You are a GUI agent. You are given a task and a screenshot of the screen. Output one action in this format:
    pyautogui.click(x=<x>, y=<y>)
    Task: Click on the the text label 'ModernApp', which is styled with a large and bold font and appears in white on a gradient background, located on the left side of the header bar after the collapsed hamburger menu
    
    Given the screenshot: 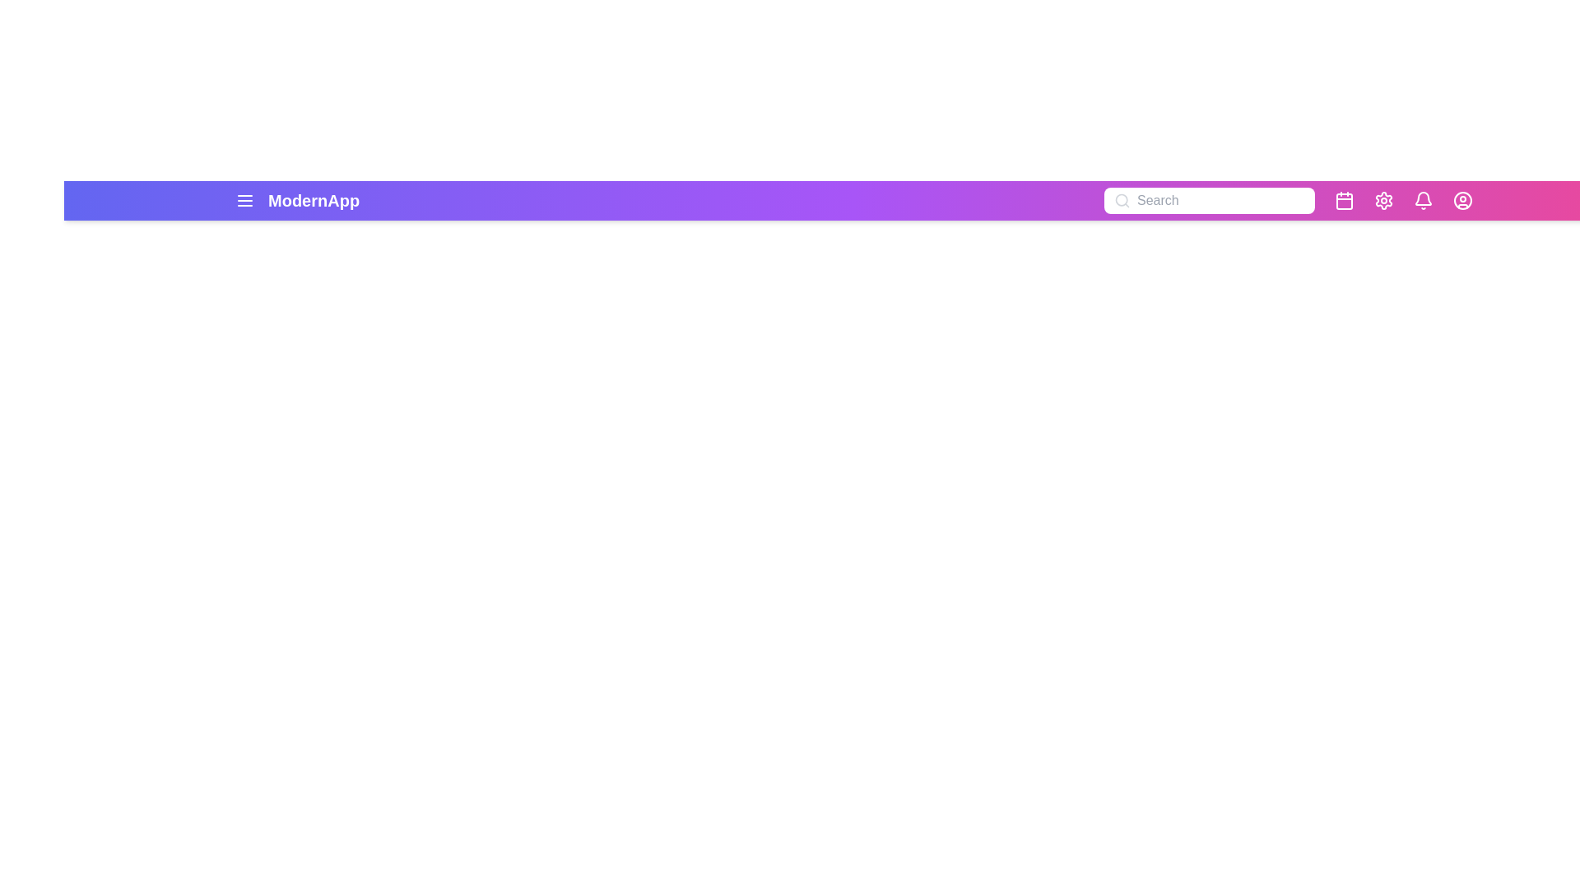 What is the action you would take?
    pyautogui.click(x=314, y=199)
    